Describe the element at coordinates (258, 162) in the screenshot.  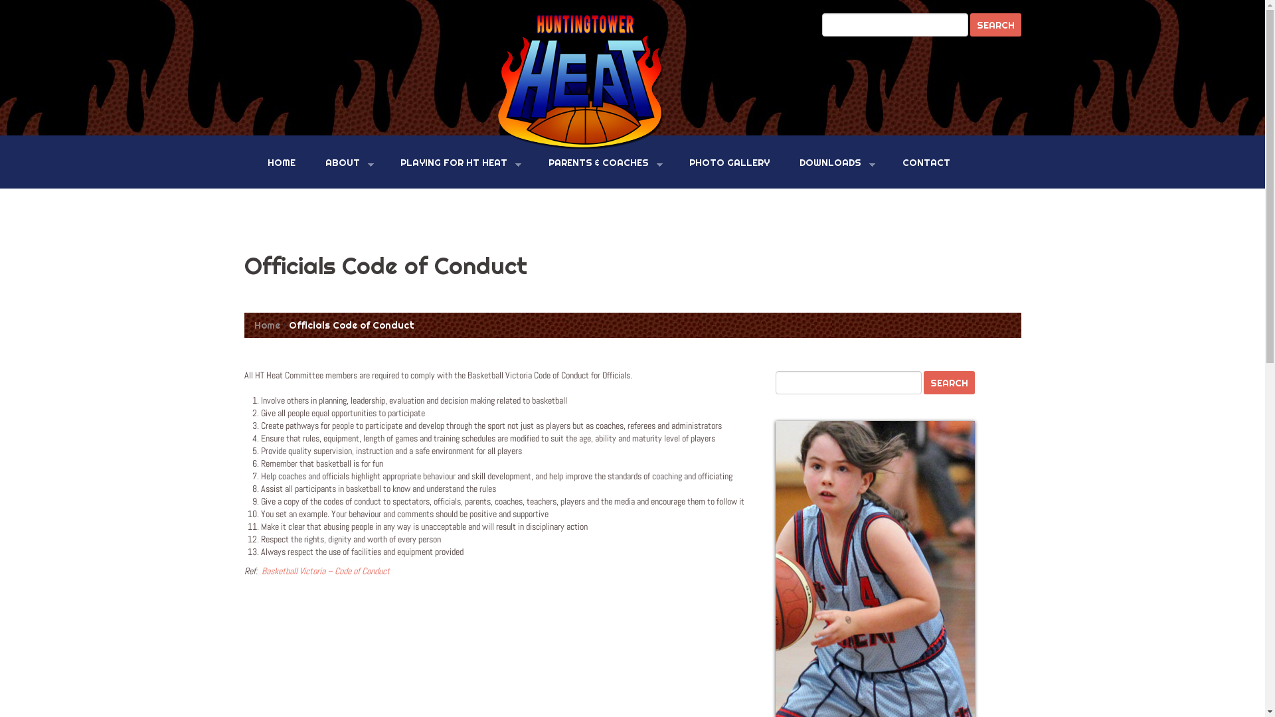
I see `'HOME'` at that location.